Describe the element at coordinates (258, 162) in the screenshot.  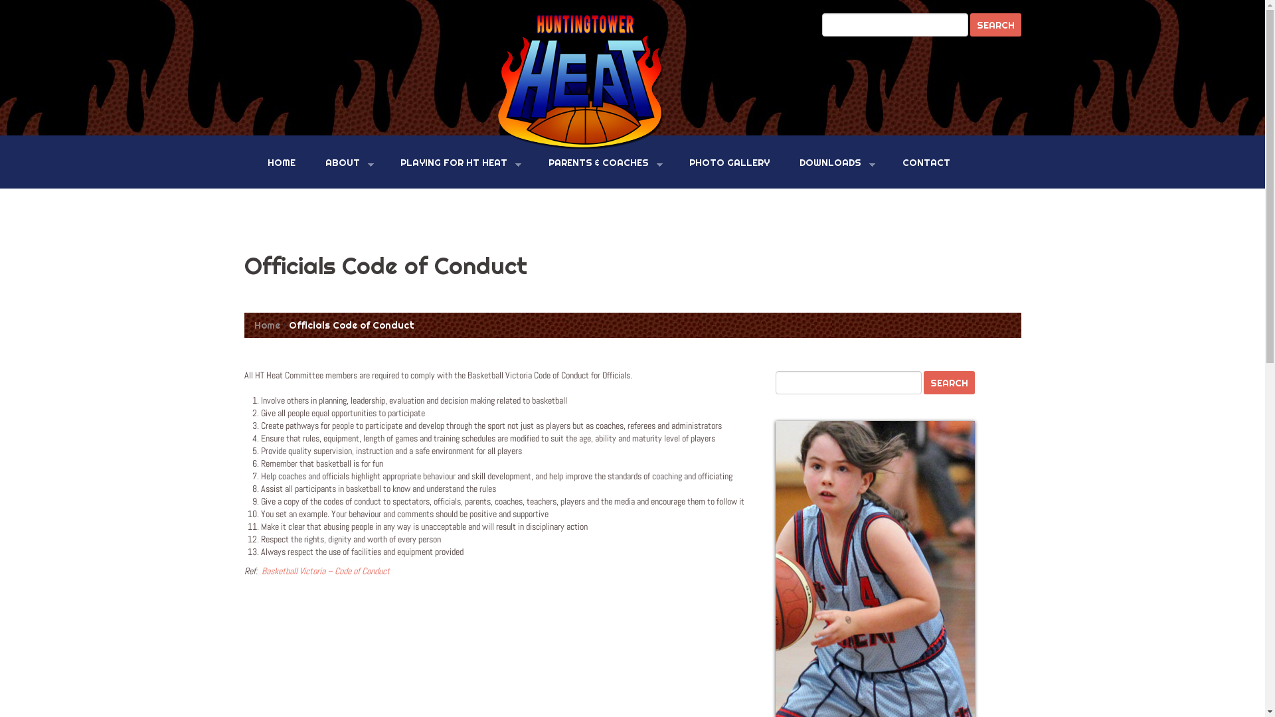
I see `'HOME'` at that location.